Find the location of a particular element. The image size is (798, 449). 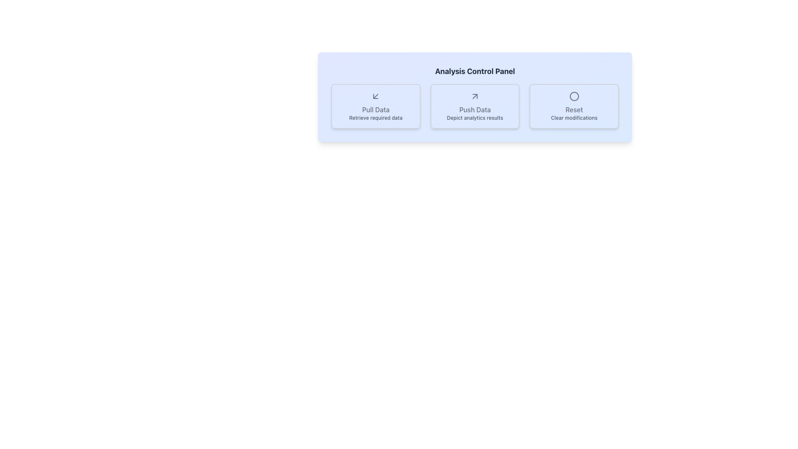

the third button from the left in the Analysis Control Panel is located at coordinates (574, 106).